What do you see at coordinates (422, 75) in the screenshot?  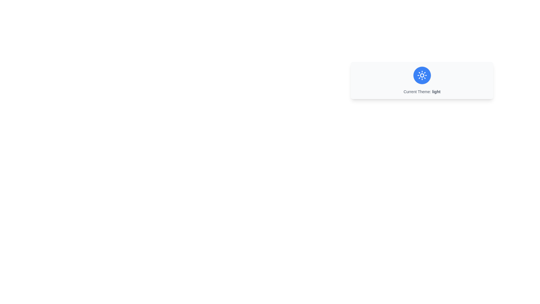 I see `the toggle button to observe any interactive feedback` at bounding box center [422, 75].